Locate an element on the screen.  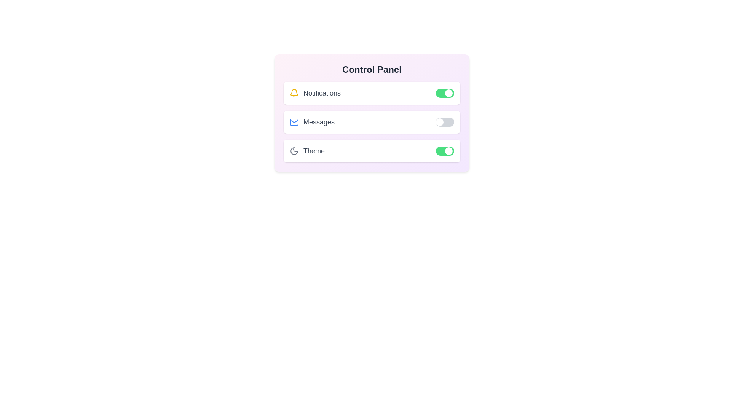
the 'Messages' feature label, which is a text label situated to the right of an envelope icon and to the left of a toggle switch in the middle section of the control panel interface is located at coordinates (319, 121).